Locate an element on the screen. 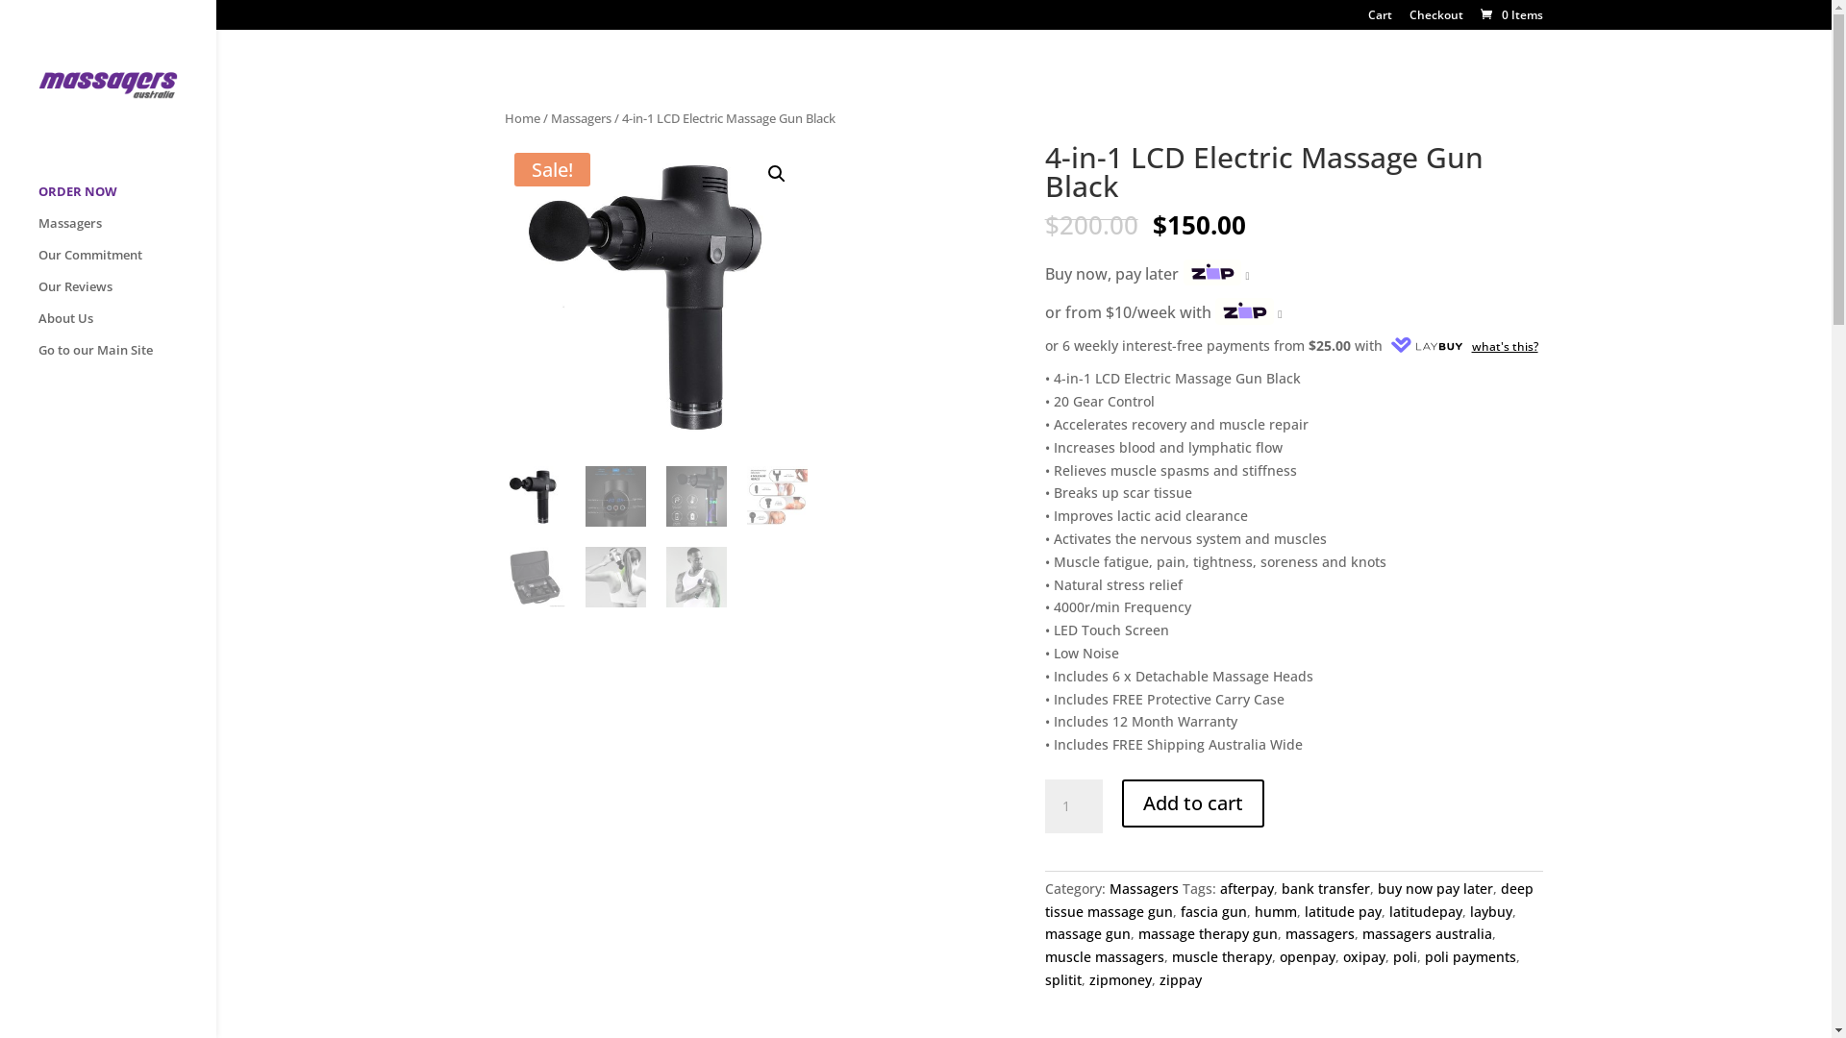 The height and width of the screenshot is (1038, 1846). 'massage therapy gun' is located at coordinates (1207, 932).